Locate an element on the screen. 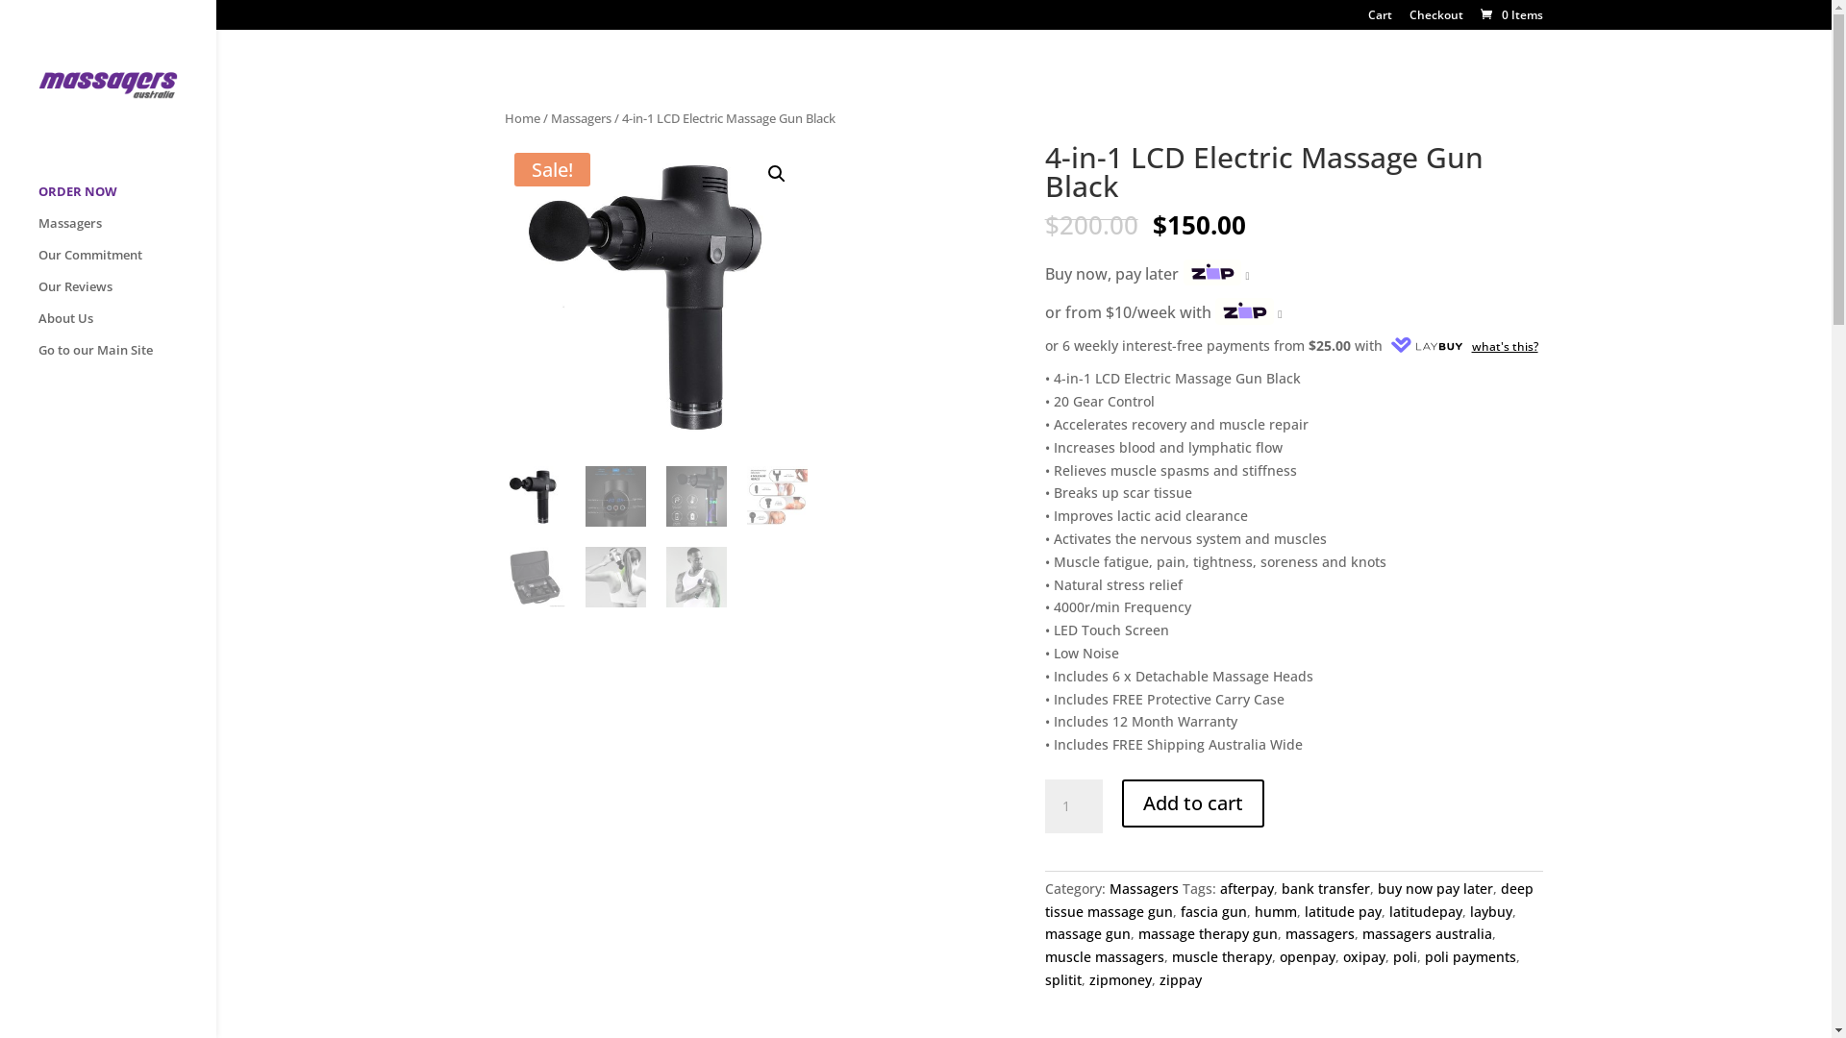 The height and width of the screenshot is (1038, 1846). 'massage therapy gun' is located at coordinates (1207, 932).